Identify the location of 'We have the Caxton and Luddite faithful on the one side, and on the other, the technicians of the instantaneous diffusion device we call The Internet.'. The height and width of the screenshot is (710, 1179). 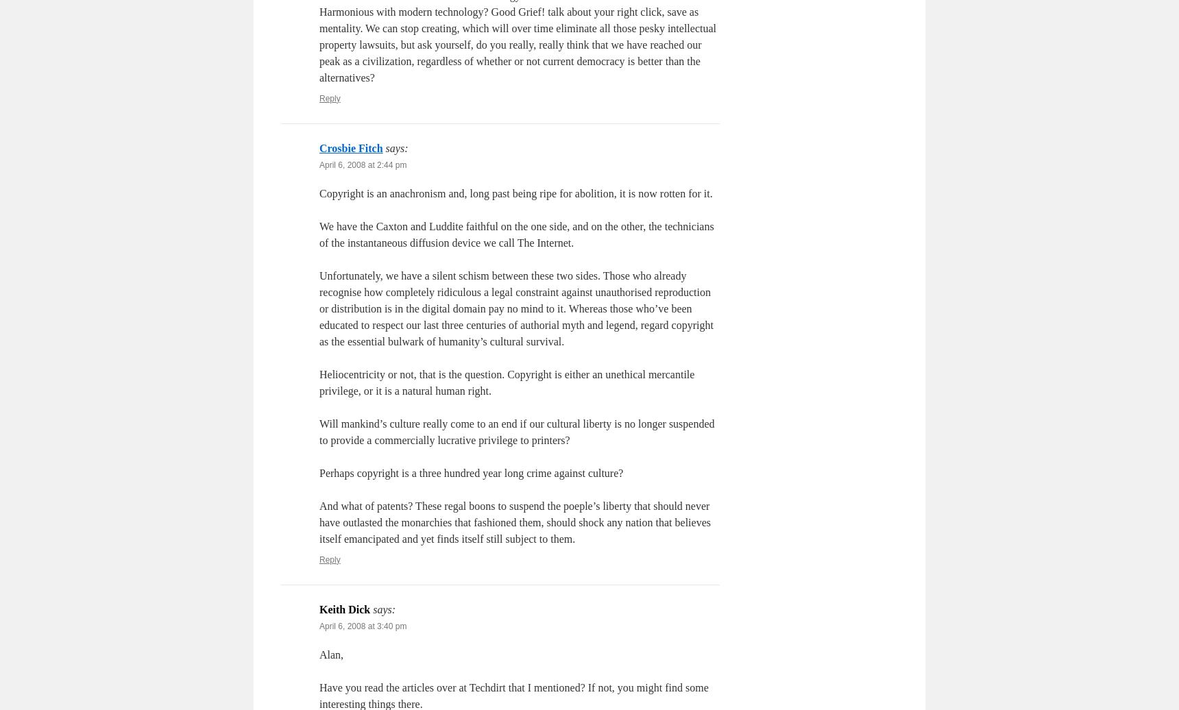
(515, 234).